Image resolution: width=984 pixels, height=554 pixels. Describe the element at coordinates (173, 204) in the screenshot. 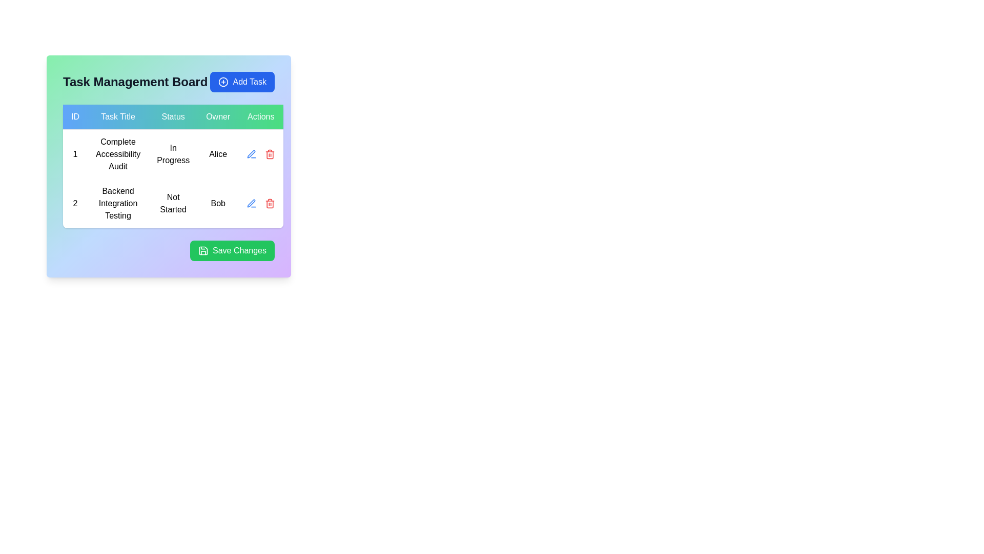

I see `the non-interactive text label indicating the current status of the task, which shows that it has not been started, located in the third column of the second row in the Task Management Board interface` at that location.